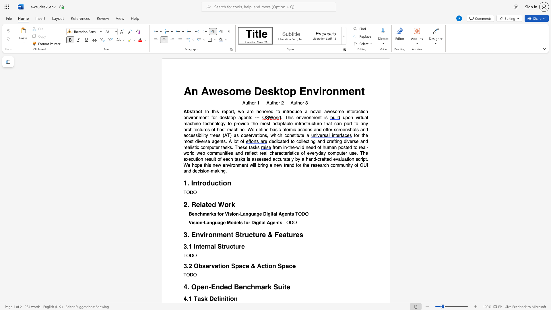 The height and width of the screenshot is (310, 551). Describe the element at coordinates (339, 91) in the screenshot. I see `the subset text "men" within the text "An Awesome Desktop Environment"` at that location.